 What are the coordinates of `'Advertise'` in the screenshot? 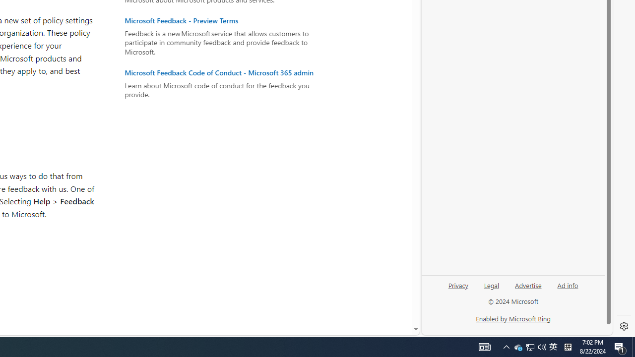 It's located at (527, 285).